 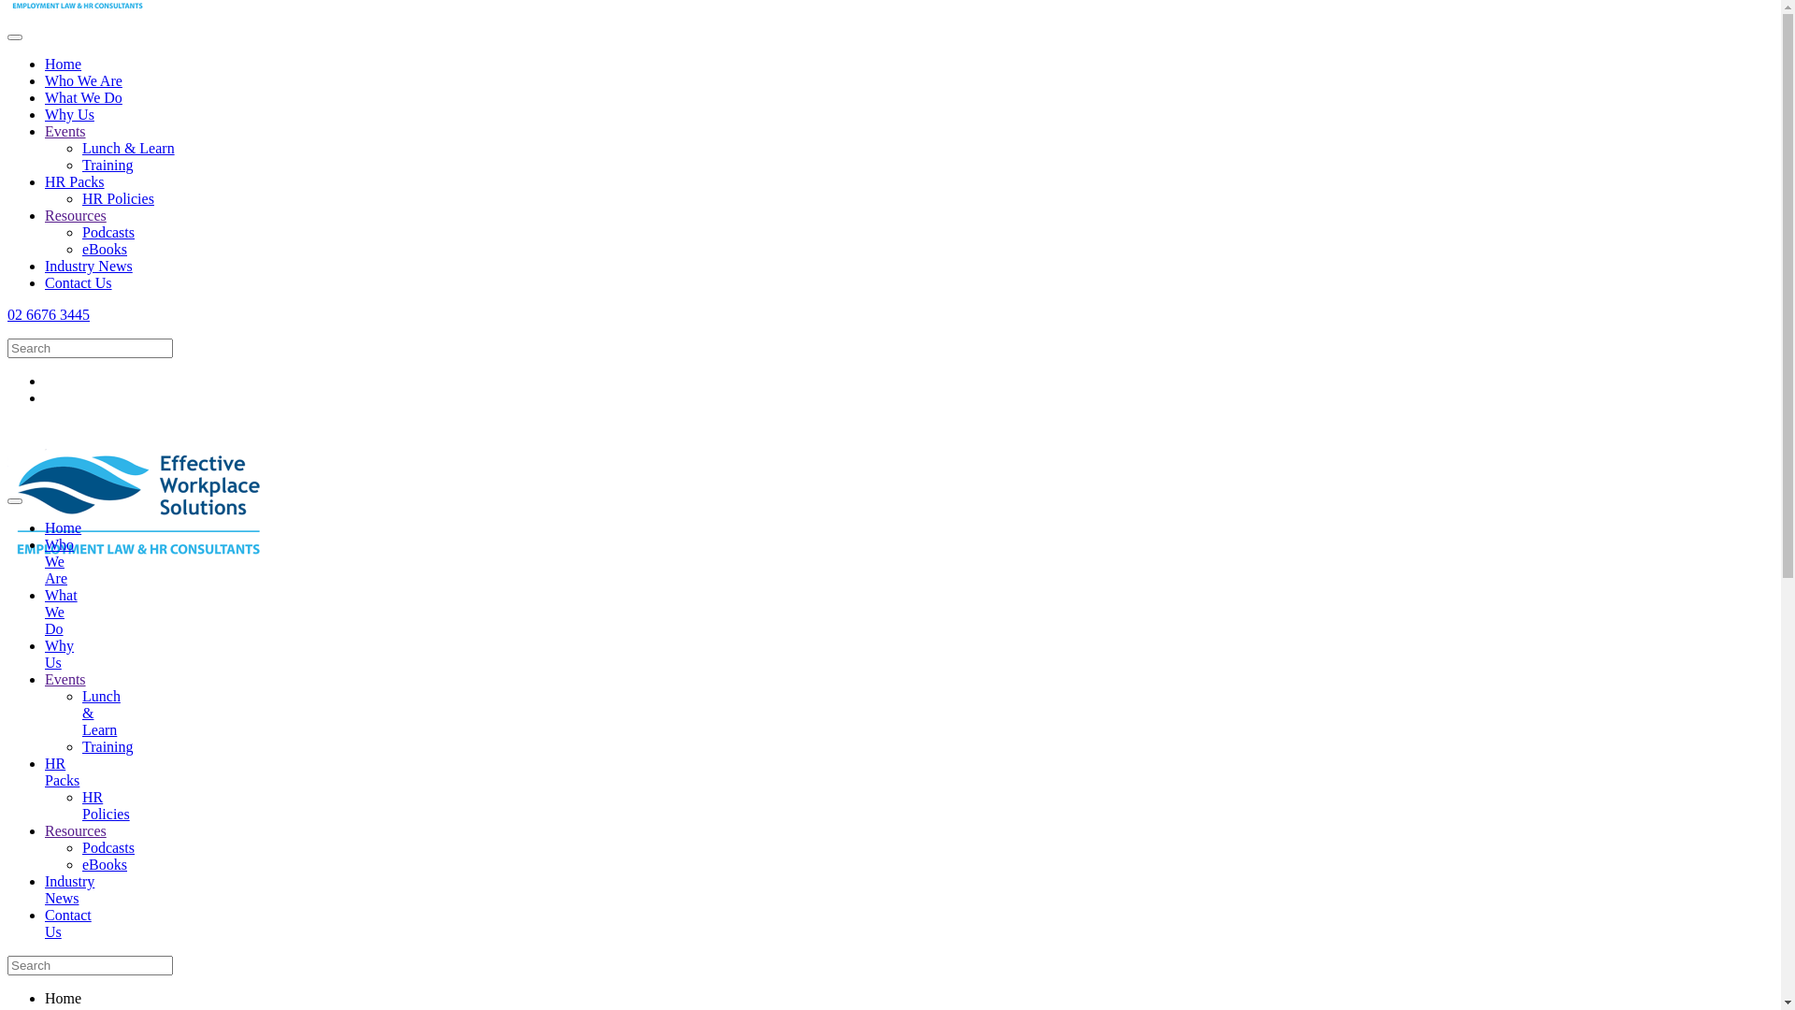 What do you see at coordinates (67, 922) in the screenshot?
I see `'Contact Us'` at bounding box center [67, 922].